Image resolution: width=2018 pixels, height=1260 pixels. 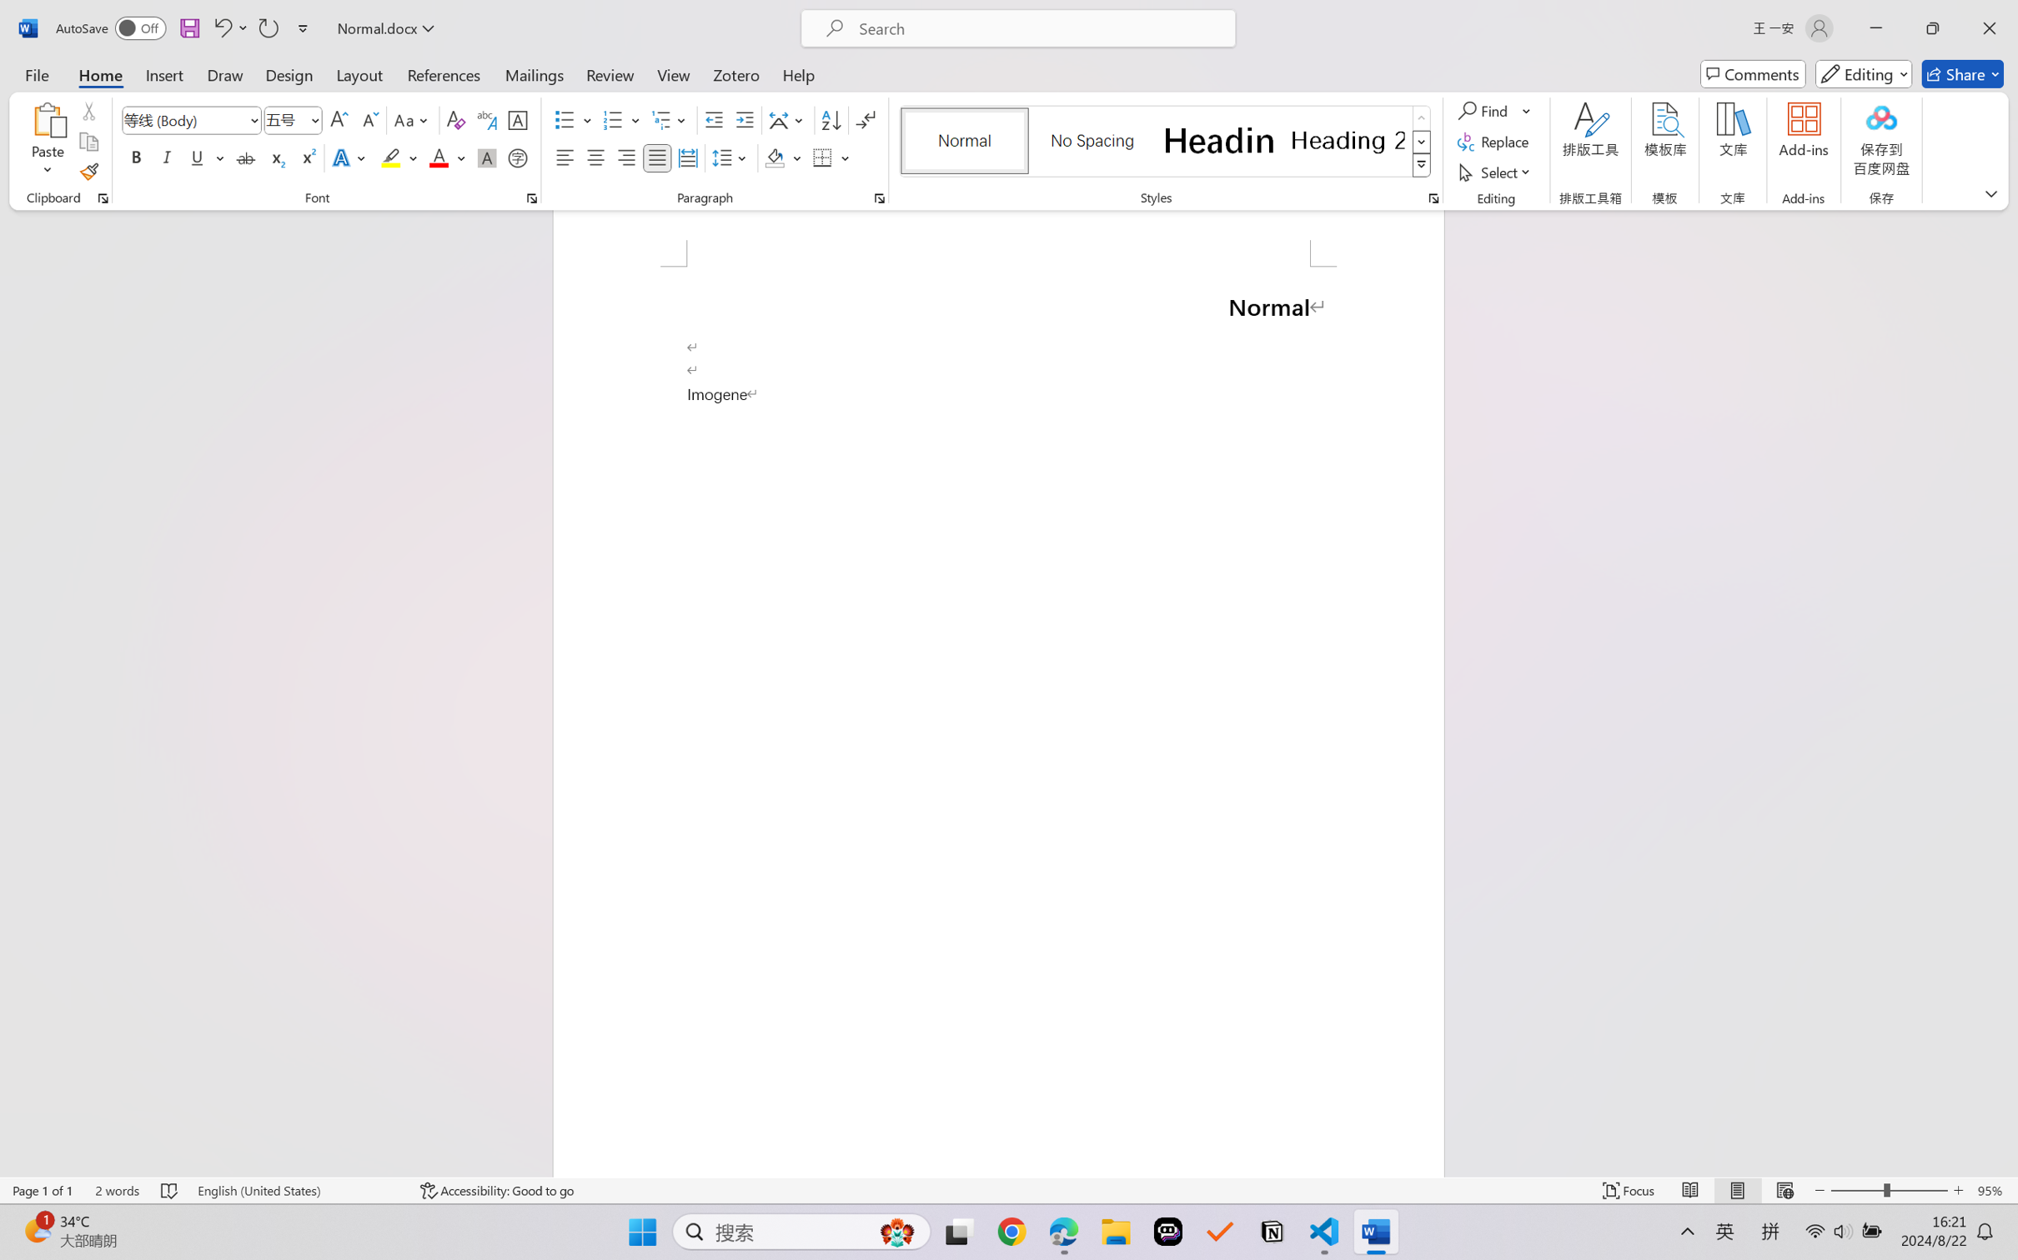 What do you see at coordinates (1039, 27) in the screenshot?
I see `'Microsoft search'` at bounding box center [1039, 27].